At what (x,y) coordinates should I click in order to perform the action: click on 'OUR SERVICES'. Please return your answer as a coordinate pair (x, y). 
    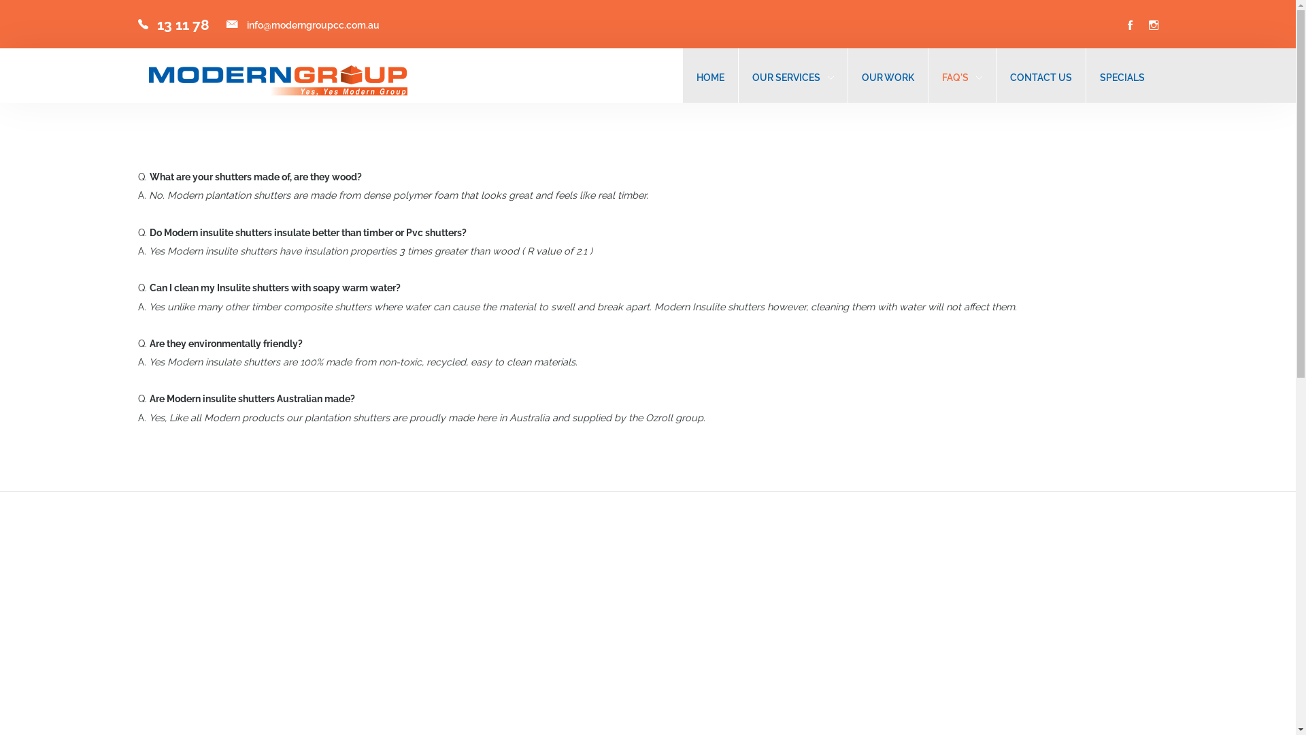
    Looking at the image, I should click on (793, 77).